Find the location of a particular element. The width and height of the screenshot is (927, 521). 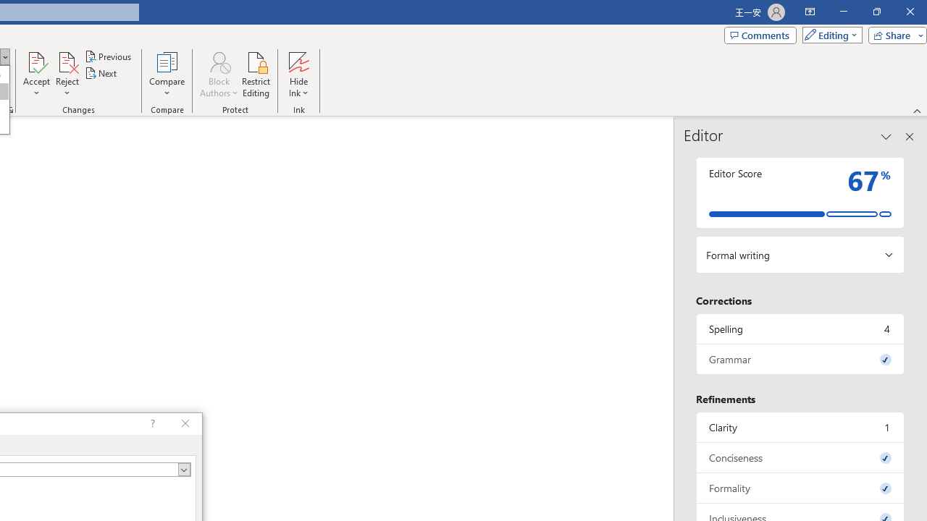

'Context help' is located at coordinates (151, 423).